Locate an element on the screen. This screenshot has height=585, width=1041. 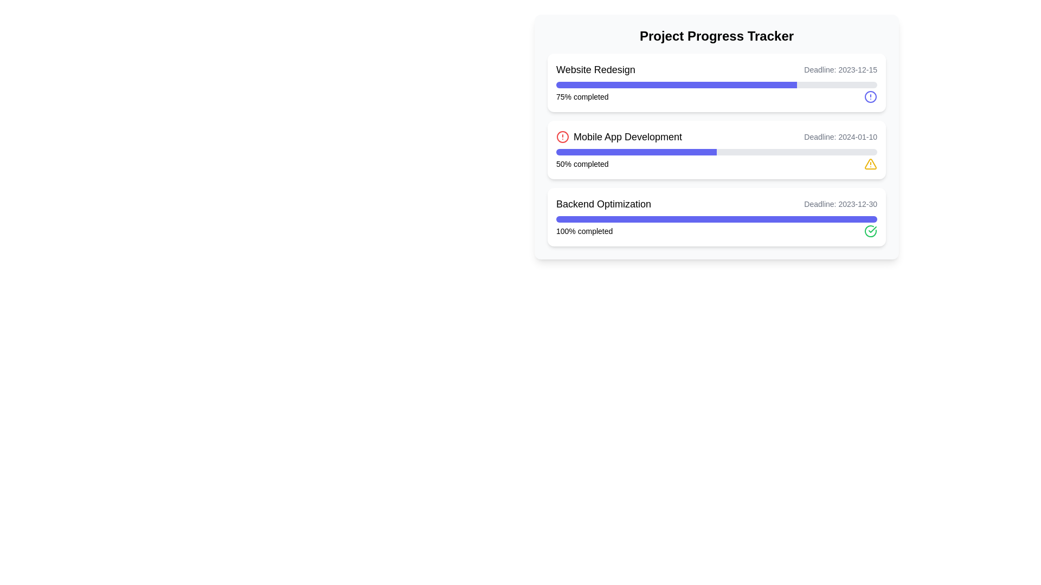
the icon shaped like a bordered circle with a centered exclamation mark, located near the progress bar indicating '75% completed' in the 'Website Redesign' section is located at coordinates (871, 96).